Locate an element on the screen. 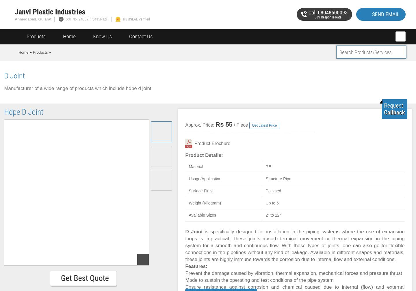  'Callback' is located at coordinates (394, 112).